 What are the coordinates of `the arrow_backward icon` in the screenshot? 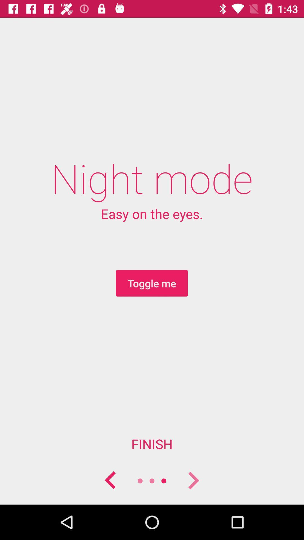 It's located at (111, 480).